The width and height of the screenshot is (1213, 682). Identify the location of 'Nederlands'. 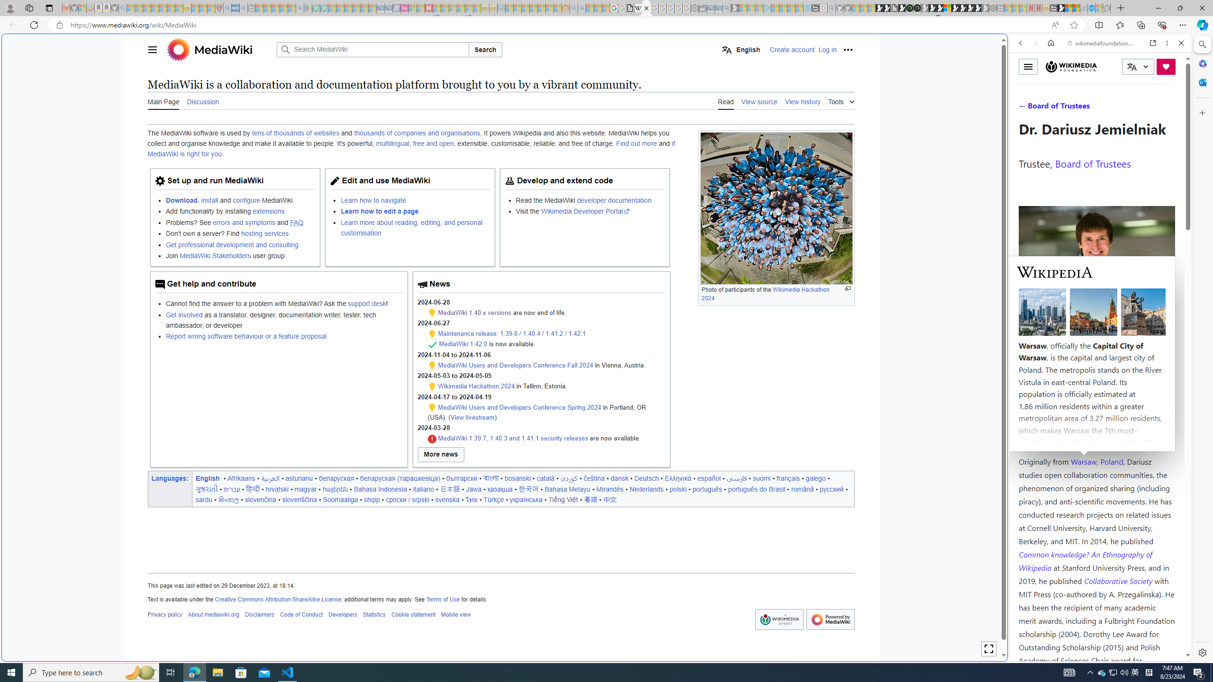
(646, 488).